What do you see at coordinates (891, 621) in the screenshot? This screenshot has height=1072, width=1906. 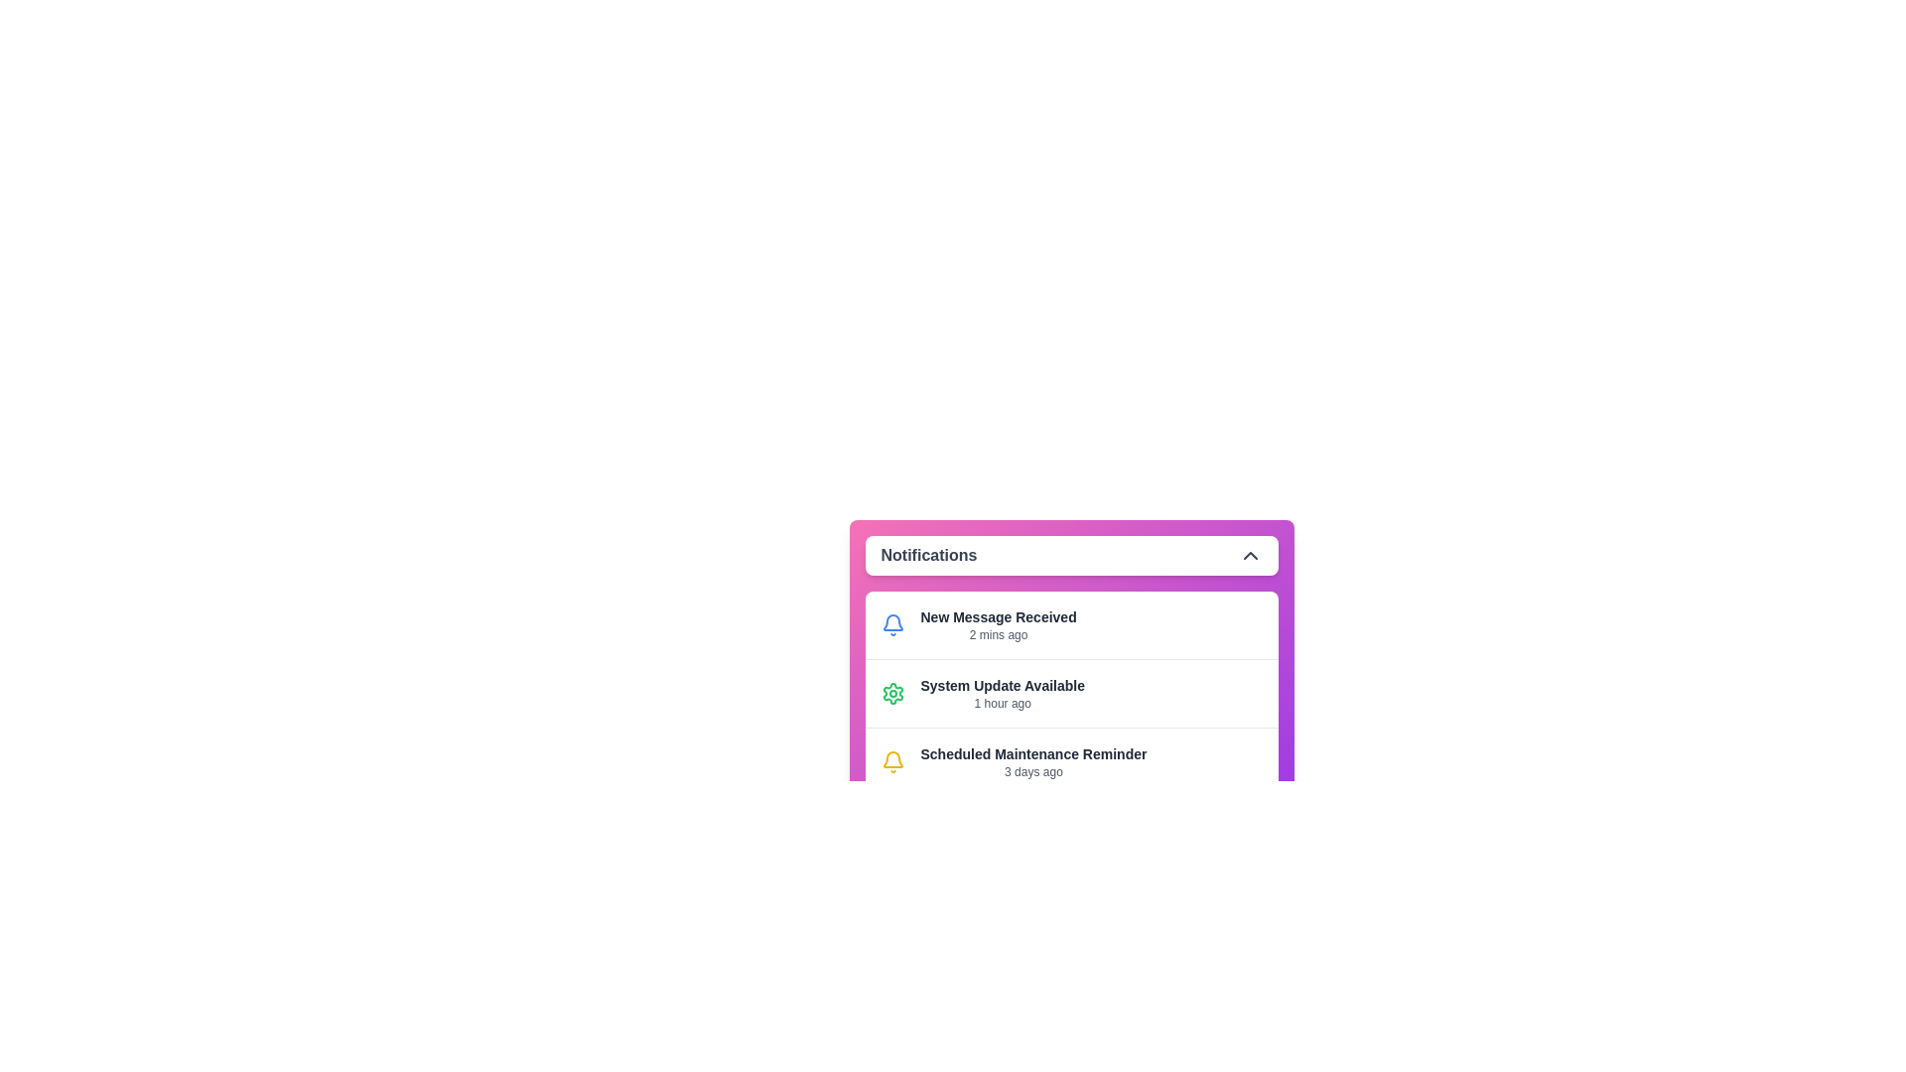 I see `the decorative SVG shape resembling a bell icon with a blue outline, located in the notification dropdown` at bounding box center [891, 621].